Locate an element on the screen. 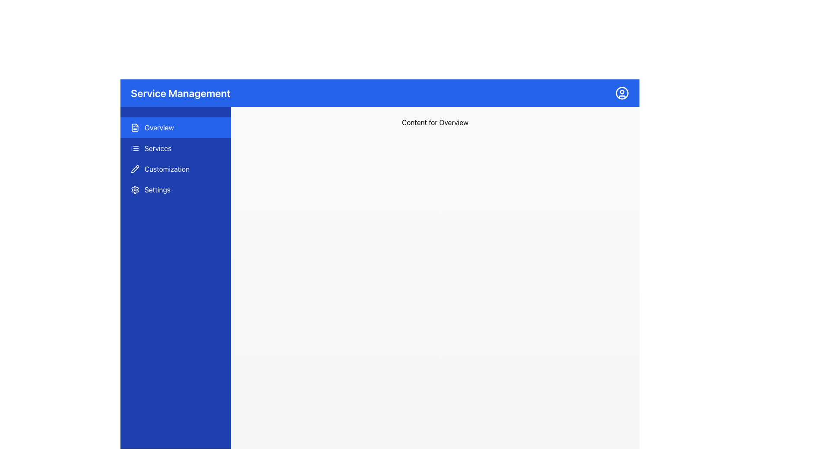 The height and width of the screenshot is (466, 829). the pencil icon located in the 'Customization' menu of the navigation bar, which is the third item from the top is located at coordinates (134, 168).